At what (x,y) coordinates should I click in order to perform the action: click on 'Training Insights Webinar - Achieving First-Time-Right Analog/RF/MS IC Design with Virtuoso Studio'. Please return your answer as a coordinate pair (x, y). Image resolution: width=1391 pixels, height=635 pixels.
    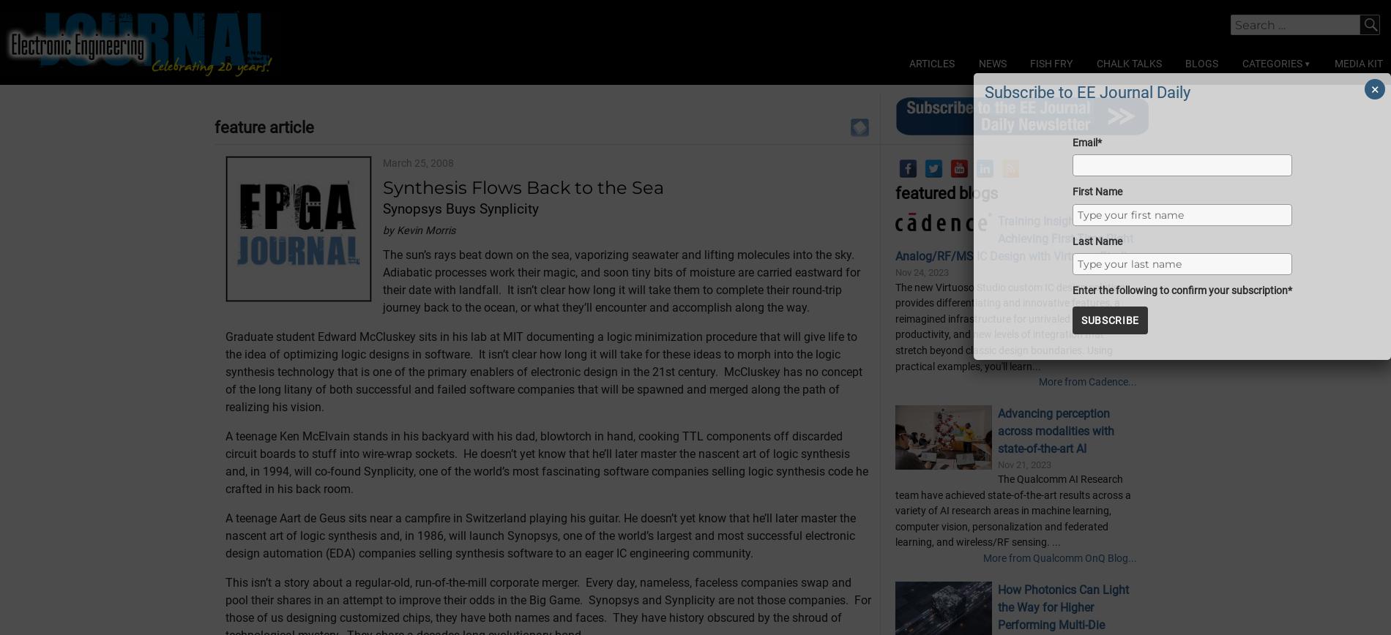
    Looking at the image, I should click on (1014, 312).